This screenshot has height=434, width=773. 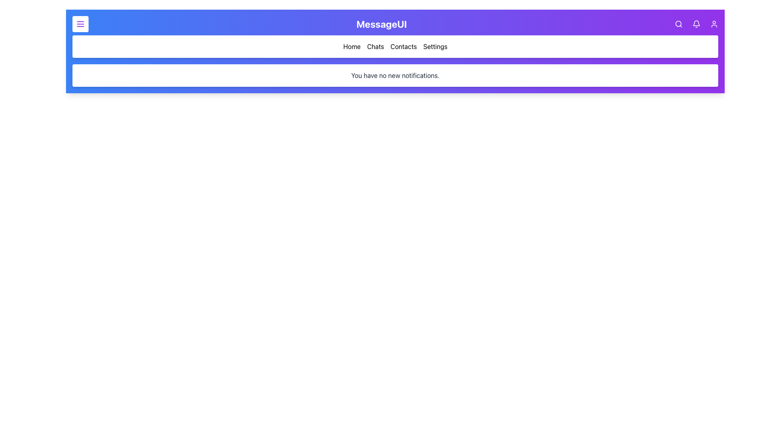 What do you see at coordinates (714, 24) in the screenshot?
I see `the user profile icon button with a purple background located at the far right of the navigation bar` at bounding box center [714, 24].